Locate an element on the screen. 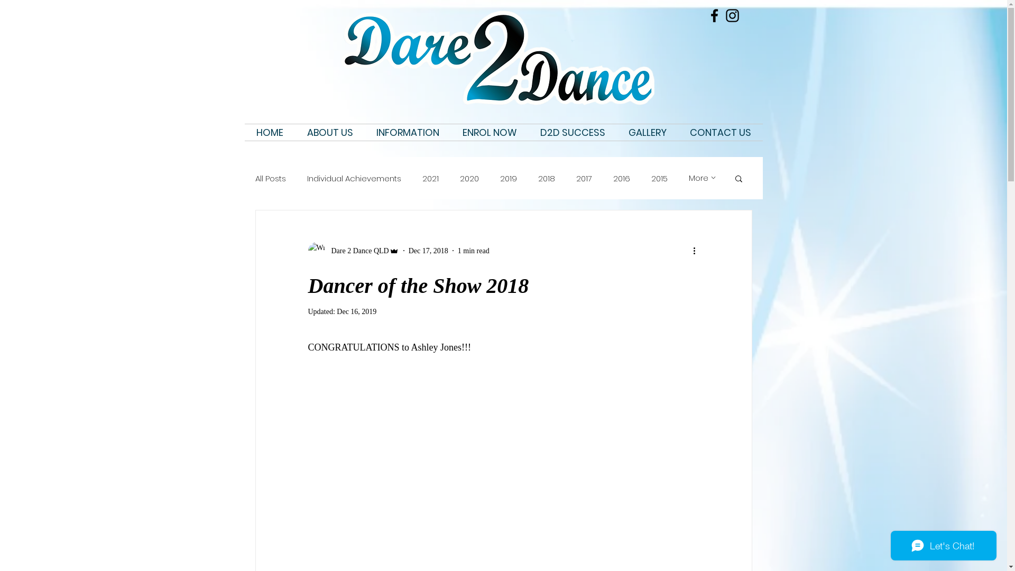  'Individual Achievements' is located at coordinates (353, 178).